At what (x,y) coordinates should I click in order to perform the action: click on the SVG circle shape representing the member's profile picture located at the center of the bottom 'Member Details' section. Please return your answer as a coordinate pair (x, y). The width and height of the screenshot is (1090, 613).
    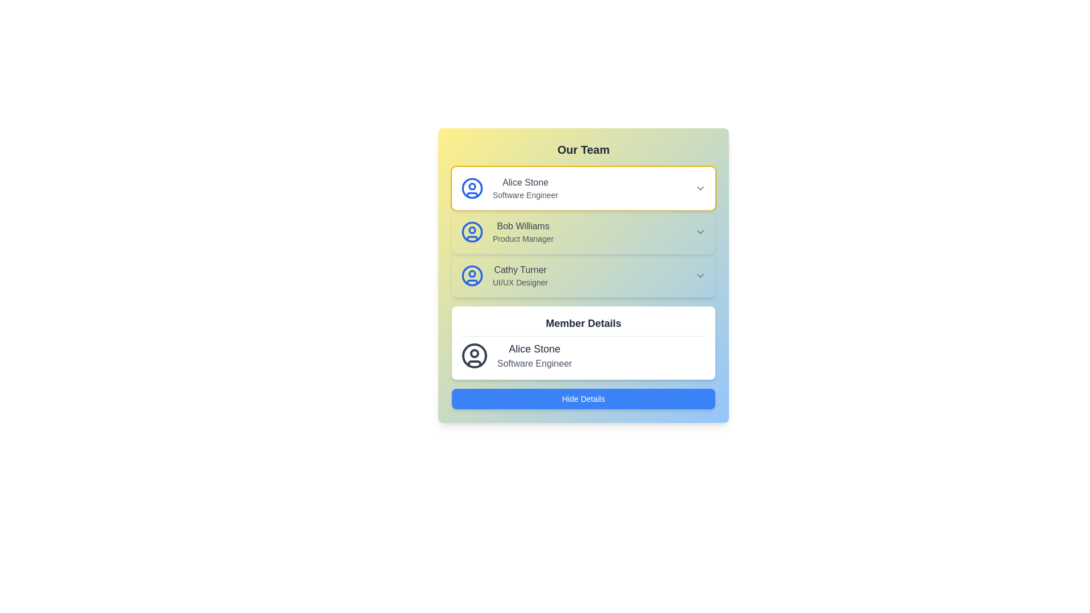
    Looking at the image, I should click on (474, 355).